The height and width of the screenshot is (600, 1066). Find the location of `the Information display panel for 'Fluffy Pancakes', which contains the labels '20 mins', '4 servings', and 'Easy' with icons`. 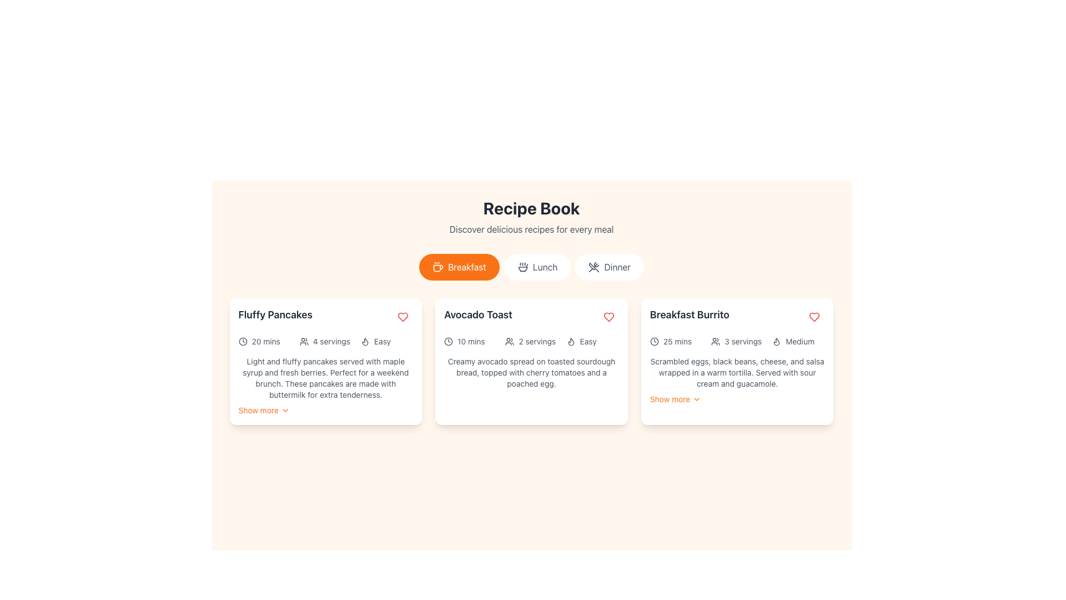

the Information display panel for 'Fluffy Pancakes', which contains the labels '20 mins', '4 servings', and 'Easy' with icons is located at coordinates (325, 341).